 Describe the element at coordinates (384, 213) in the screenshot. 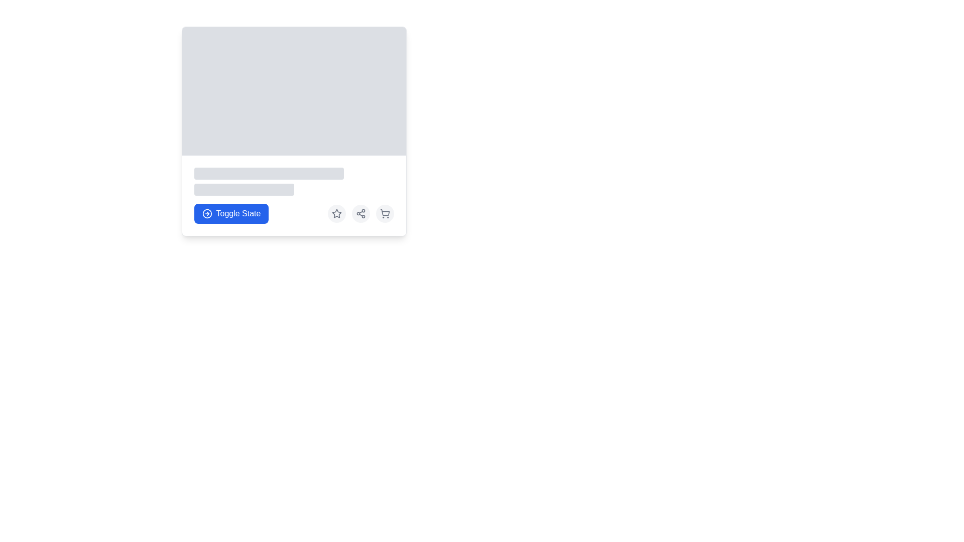

I see `the shopping cart button located at the far right among the horizontal arrangement of icons` at that location.